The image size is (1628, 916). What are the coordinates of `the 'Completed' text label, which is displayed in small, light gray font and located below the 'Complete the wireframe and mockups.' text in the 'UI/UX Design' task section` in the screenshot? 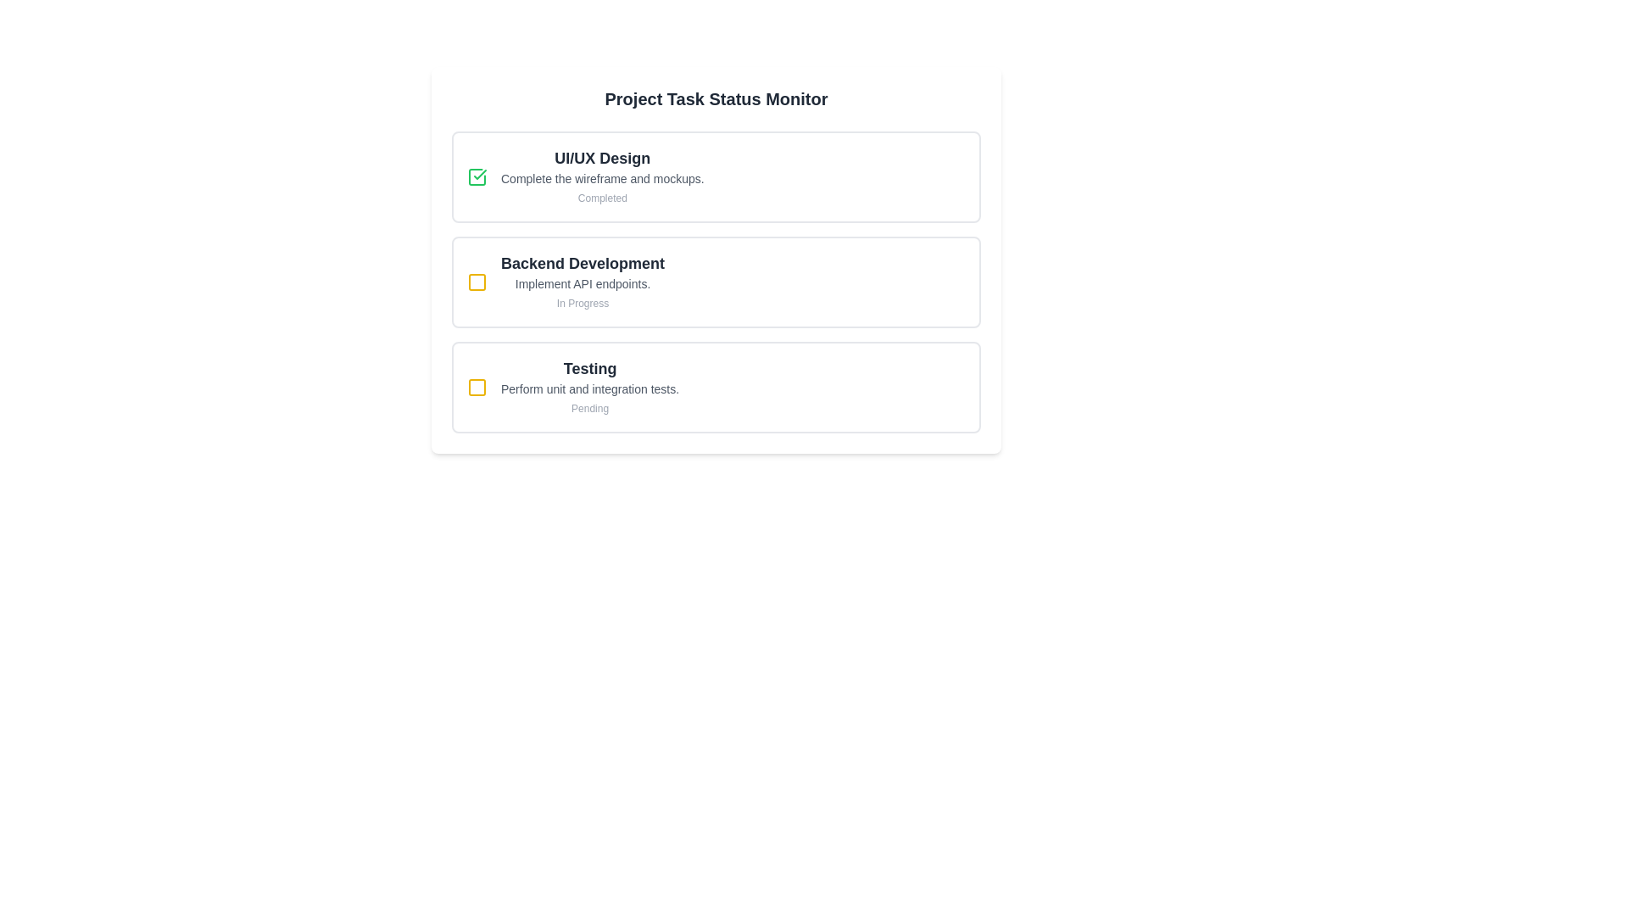 It's located at (602, 198).